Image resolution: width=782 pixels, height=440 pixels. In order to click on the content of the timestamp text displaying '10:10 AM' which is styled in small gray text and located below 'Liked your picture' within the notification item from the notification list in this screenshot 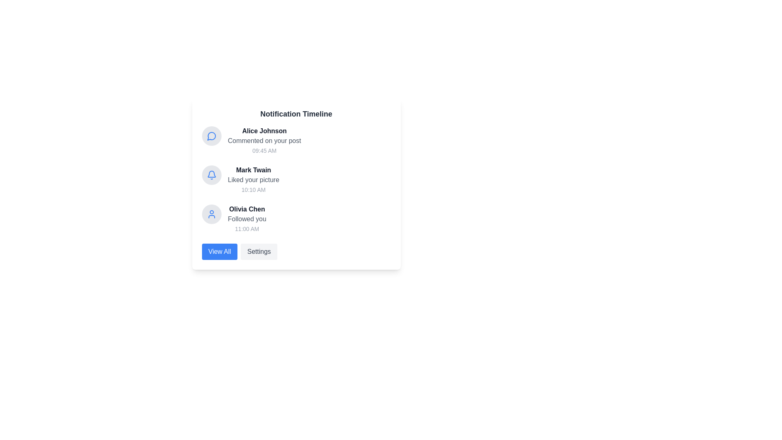, I will do `click(253, 190)`.